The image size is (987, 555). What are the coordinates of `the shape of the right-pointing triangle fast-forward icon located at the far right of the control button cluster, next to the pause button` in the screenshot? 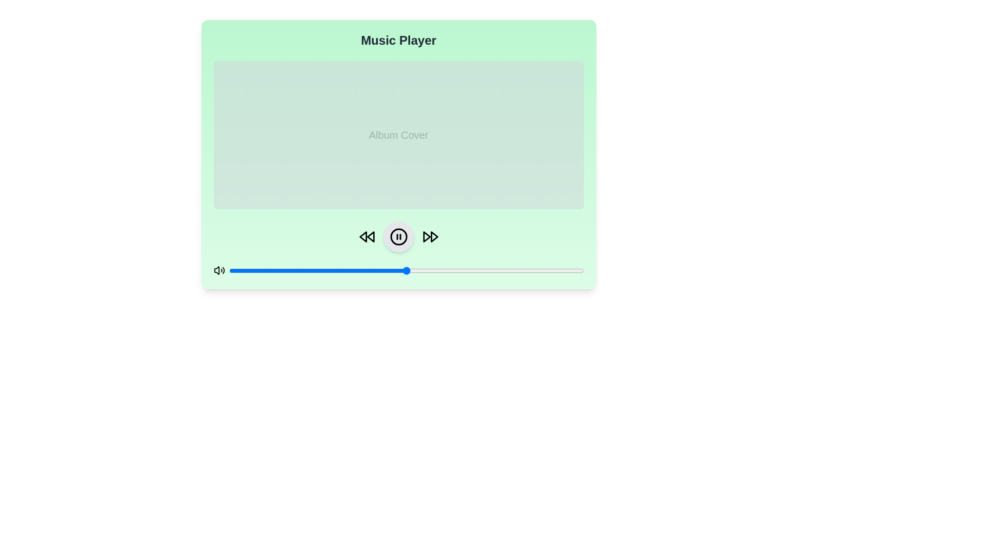 It's located at (434, 237).